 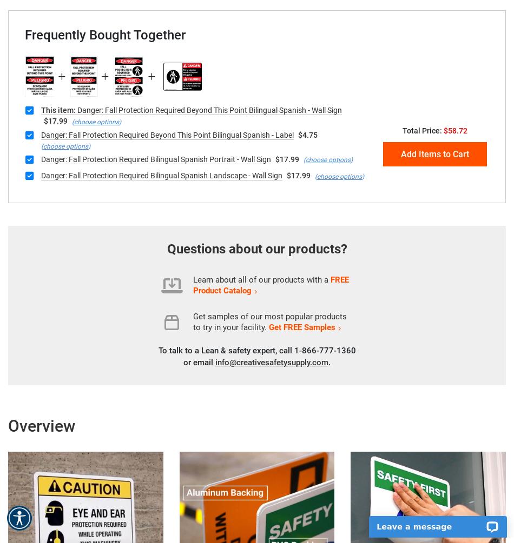 What do you see at coordinates (271, 284) in the screenshot?
I see `'FREE Product Catalog'` at bounding box center [271, 284].